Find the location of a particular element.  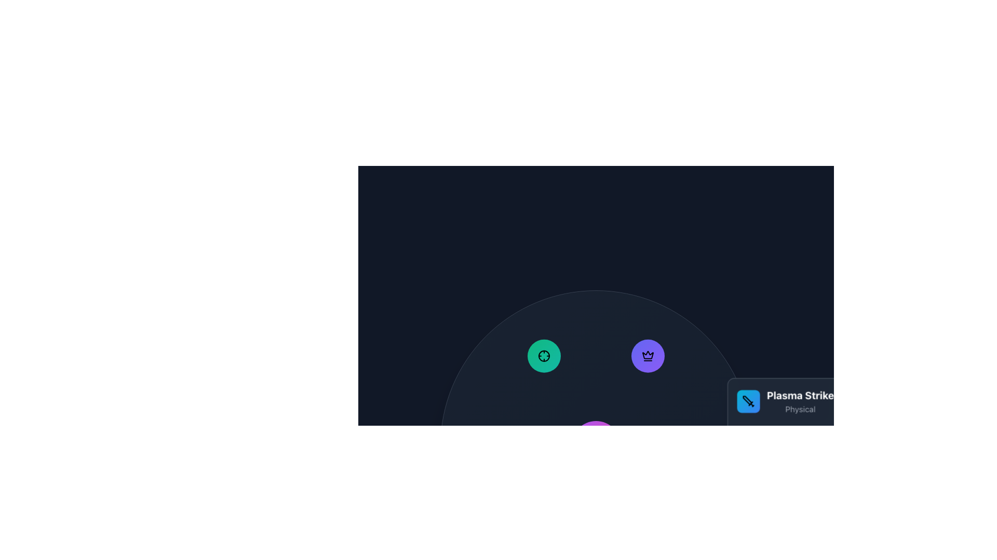

the purple circular icon with a black stylized crown, positioned as the second icon from the left in a circular arrangement at the top-right corner is located at coordinates (648, 354).